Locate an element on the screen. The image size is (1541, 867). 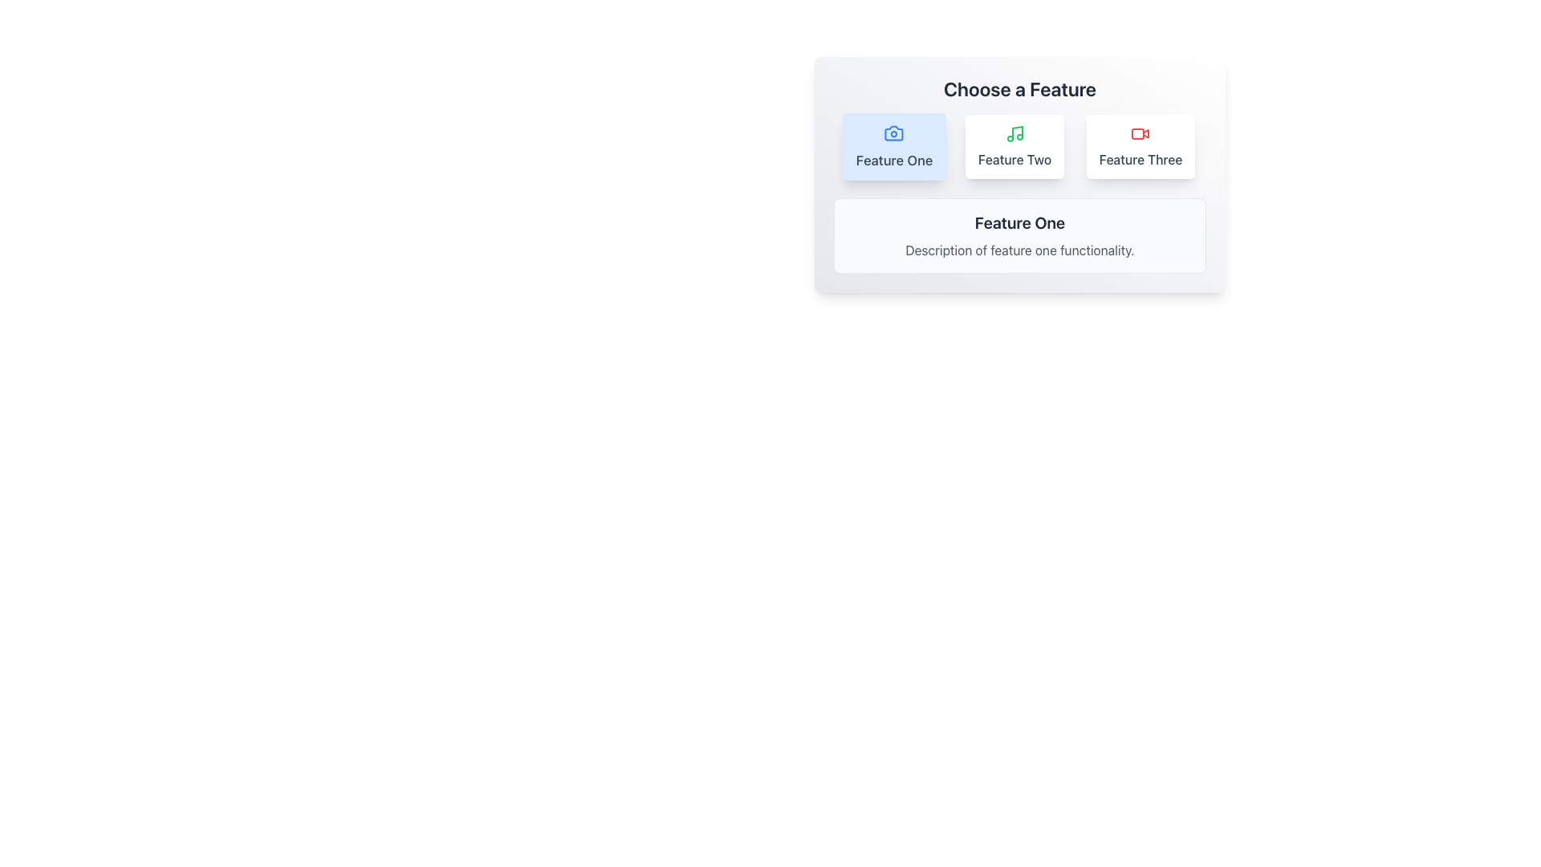
outer outline of the stylized camera icon, which is part of the 'Feature One' button located in the center-left of the card interface for debugging purposes is located at coordinates (893, 132).